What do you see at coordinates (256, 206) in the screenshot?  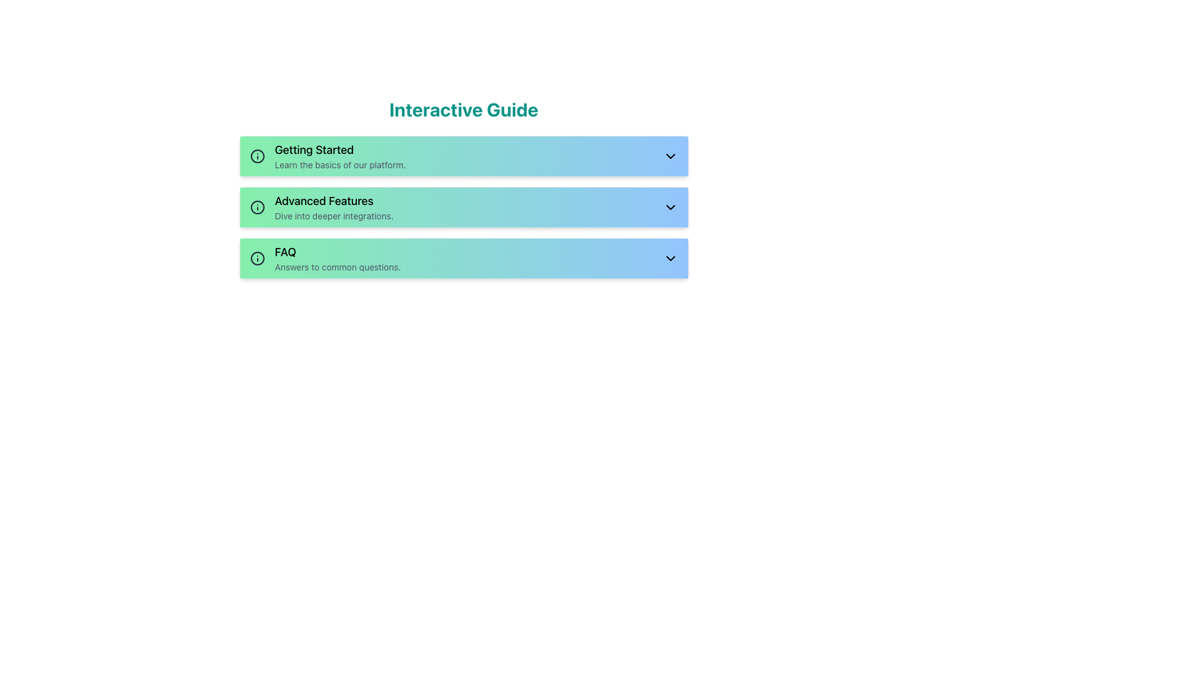 I see `the 'Advanced Features' icon located in the 'Interactive Guide' section, which serves as a visual representation for accessing additional context or information` at bounding box center [256, 206].